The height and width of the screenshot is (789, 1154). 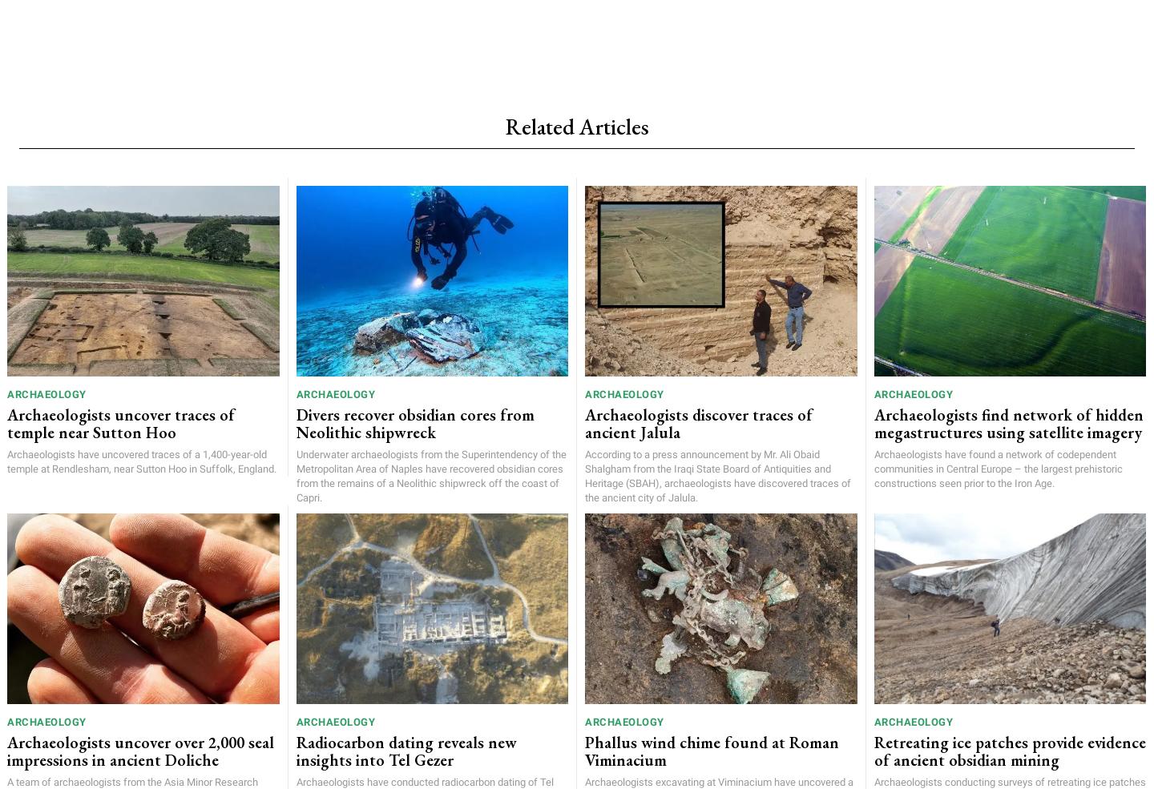 What do you see at coordinates (1007, 422) in the screenshot?
I see `'Archaeologists find network of hidden megastructures using satellite imagery'` at bounding box center [1007, 422].